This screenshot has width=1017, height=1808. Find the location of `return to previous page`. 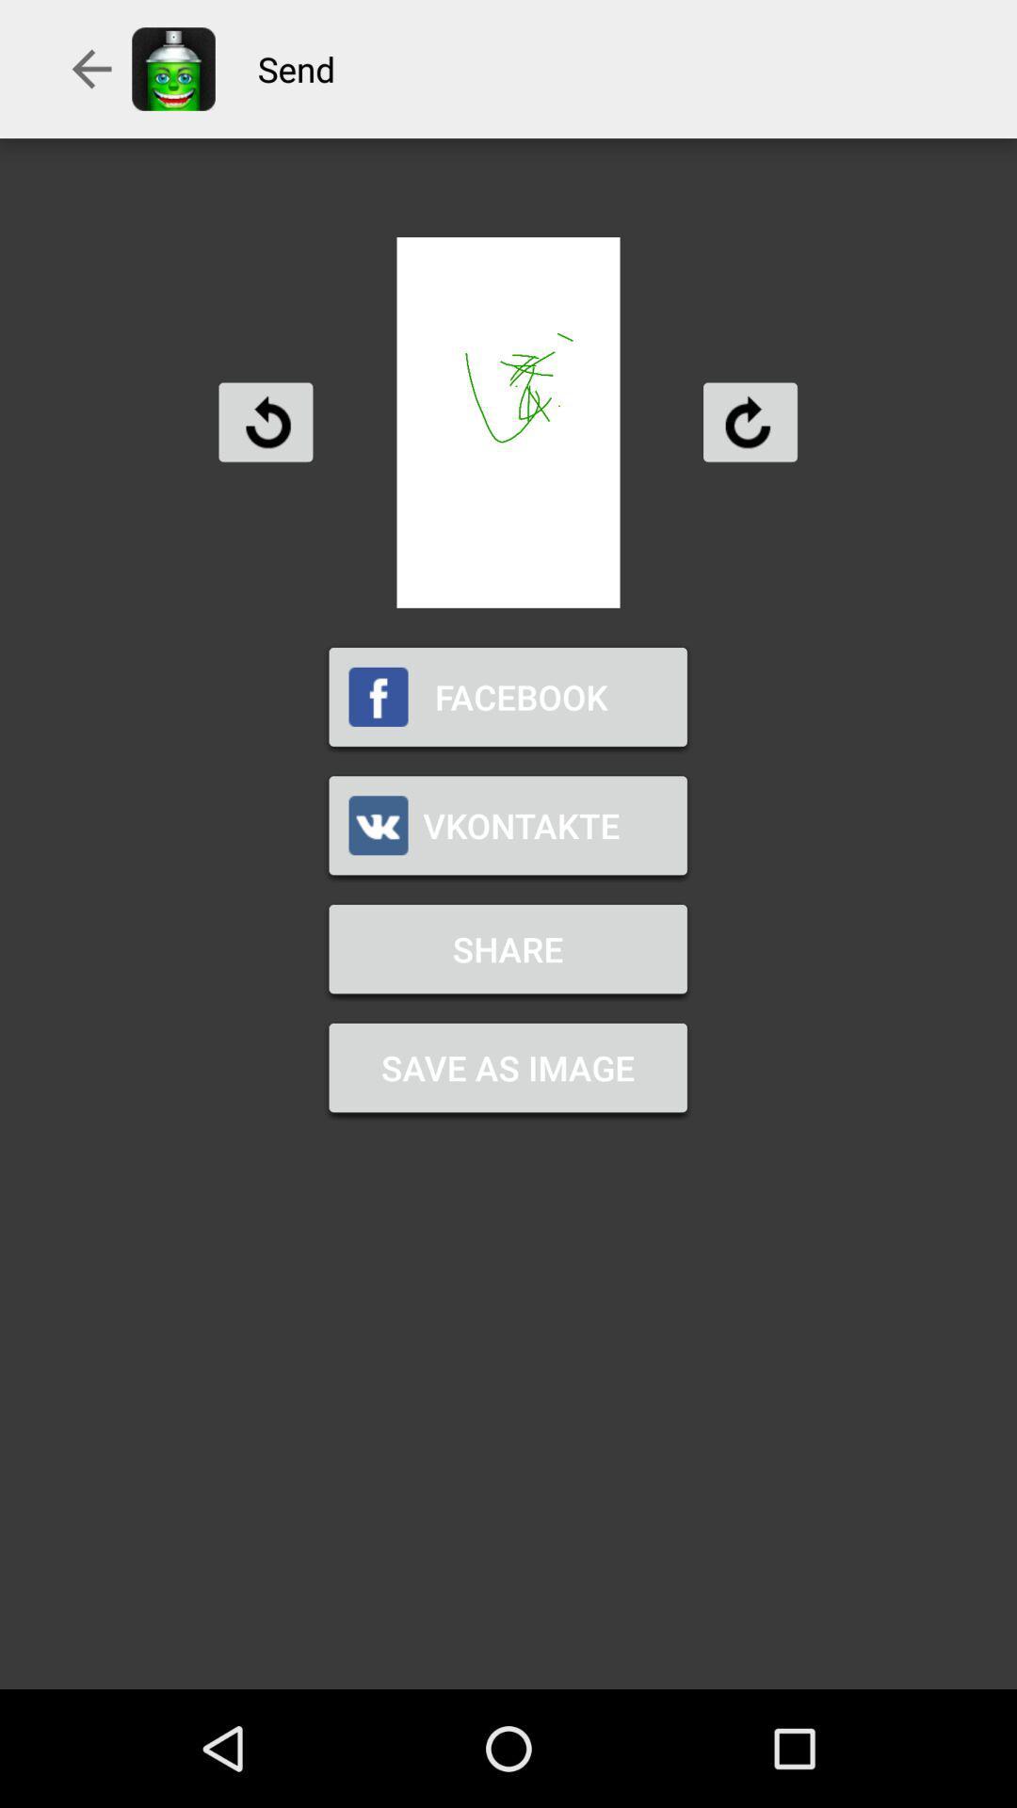

return to previous page is located at coordinates (266, 421).